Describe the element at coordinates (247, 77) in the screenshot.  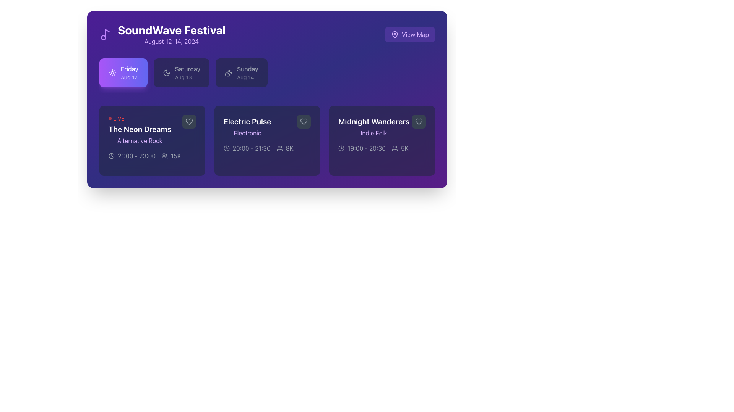
I see `date information from the text label located below the 'Sunday' text in the Sunday date selection card` at that location.